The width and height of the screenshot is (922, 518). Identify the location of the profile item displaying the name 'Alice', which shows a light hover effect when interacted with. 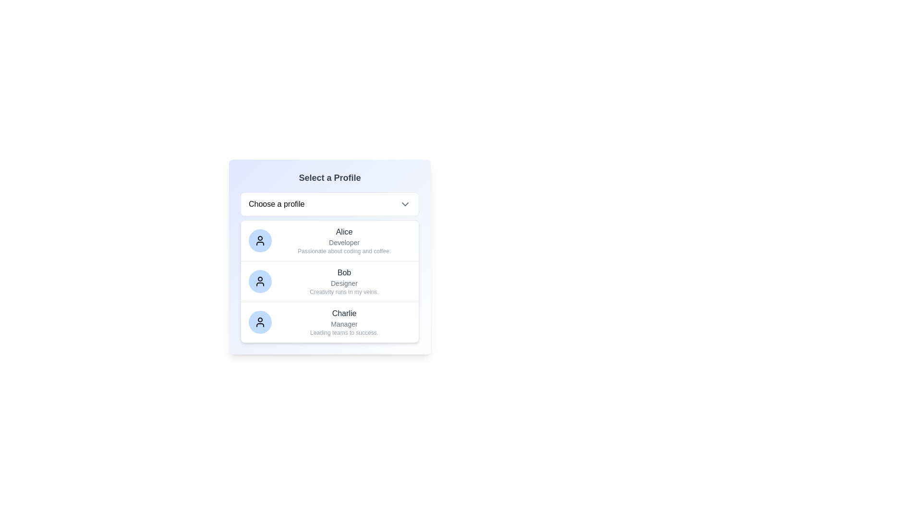
(329, 240).